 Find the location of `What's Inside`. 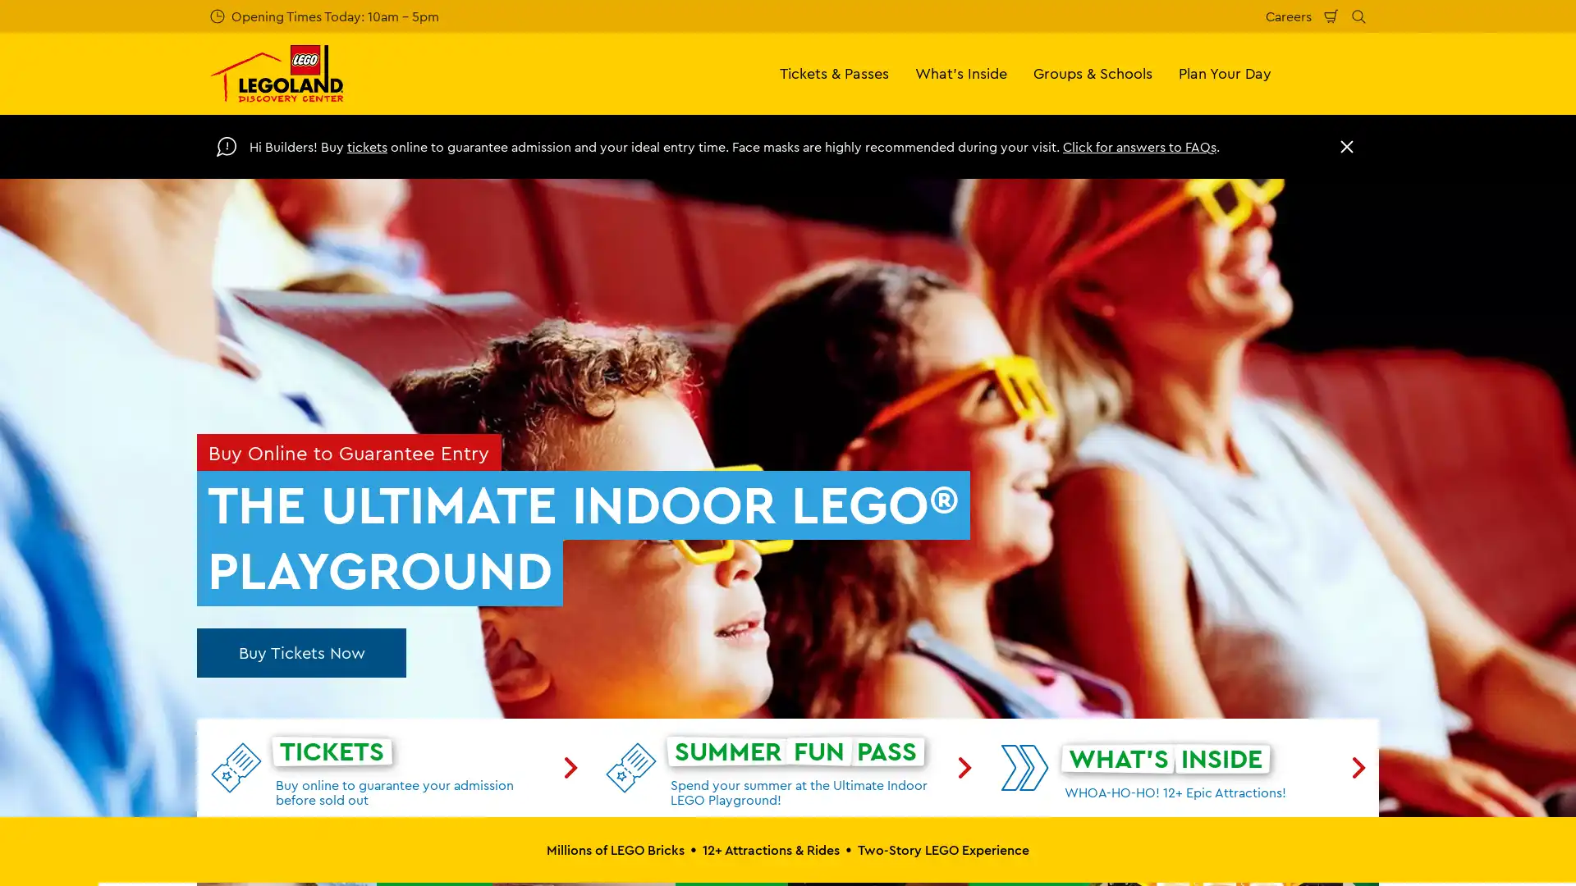

What's Inside is located at coordinates (961, 72).